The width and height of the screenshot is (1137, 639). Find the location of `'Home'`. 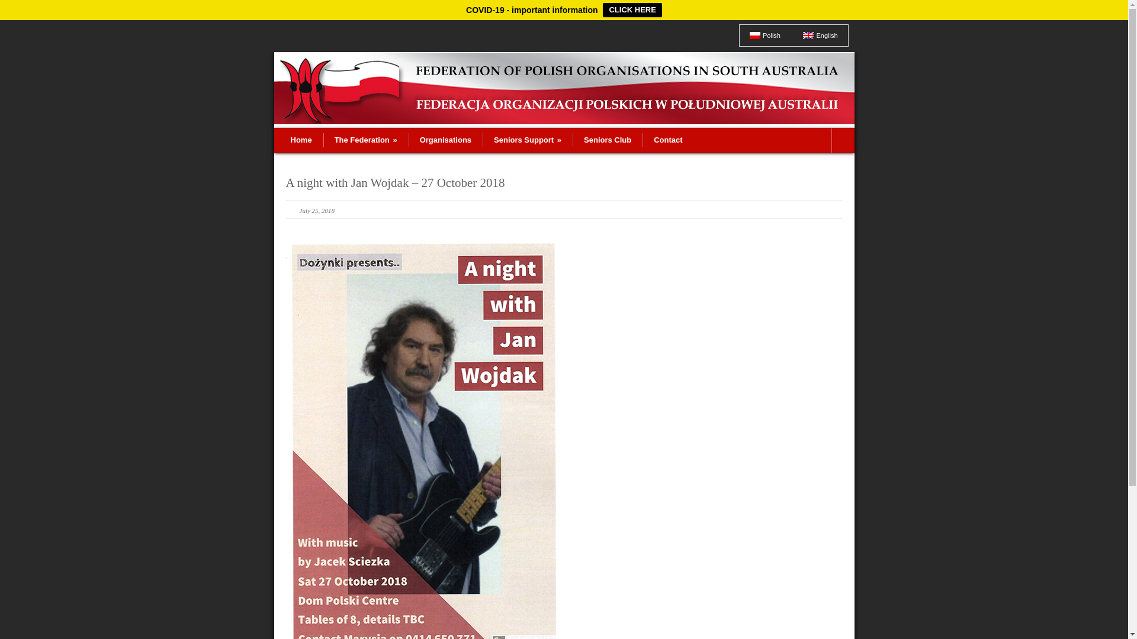

'Home' is located at coordinates (301, 139).